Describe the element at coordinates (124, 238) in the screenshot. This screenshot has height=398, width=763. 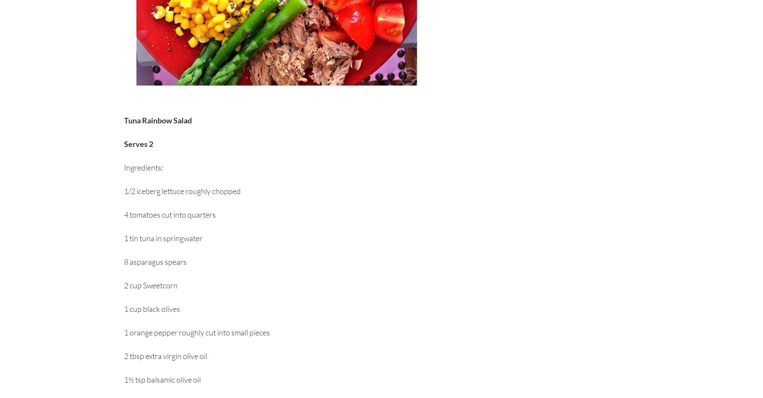
I see `'1 tin tuna in springwater'` at that location.